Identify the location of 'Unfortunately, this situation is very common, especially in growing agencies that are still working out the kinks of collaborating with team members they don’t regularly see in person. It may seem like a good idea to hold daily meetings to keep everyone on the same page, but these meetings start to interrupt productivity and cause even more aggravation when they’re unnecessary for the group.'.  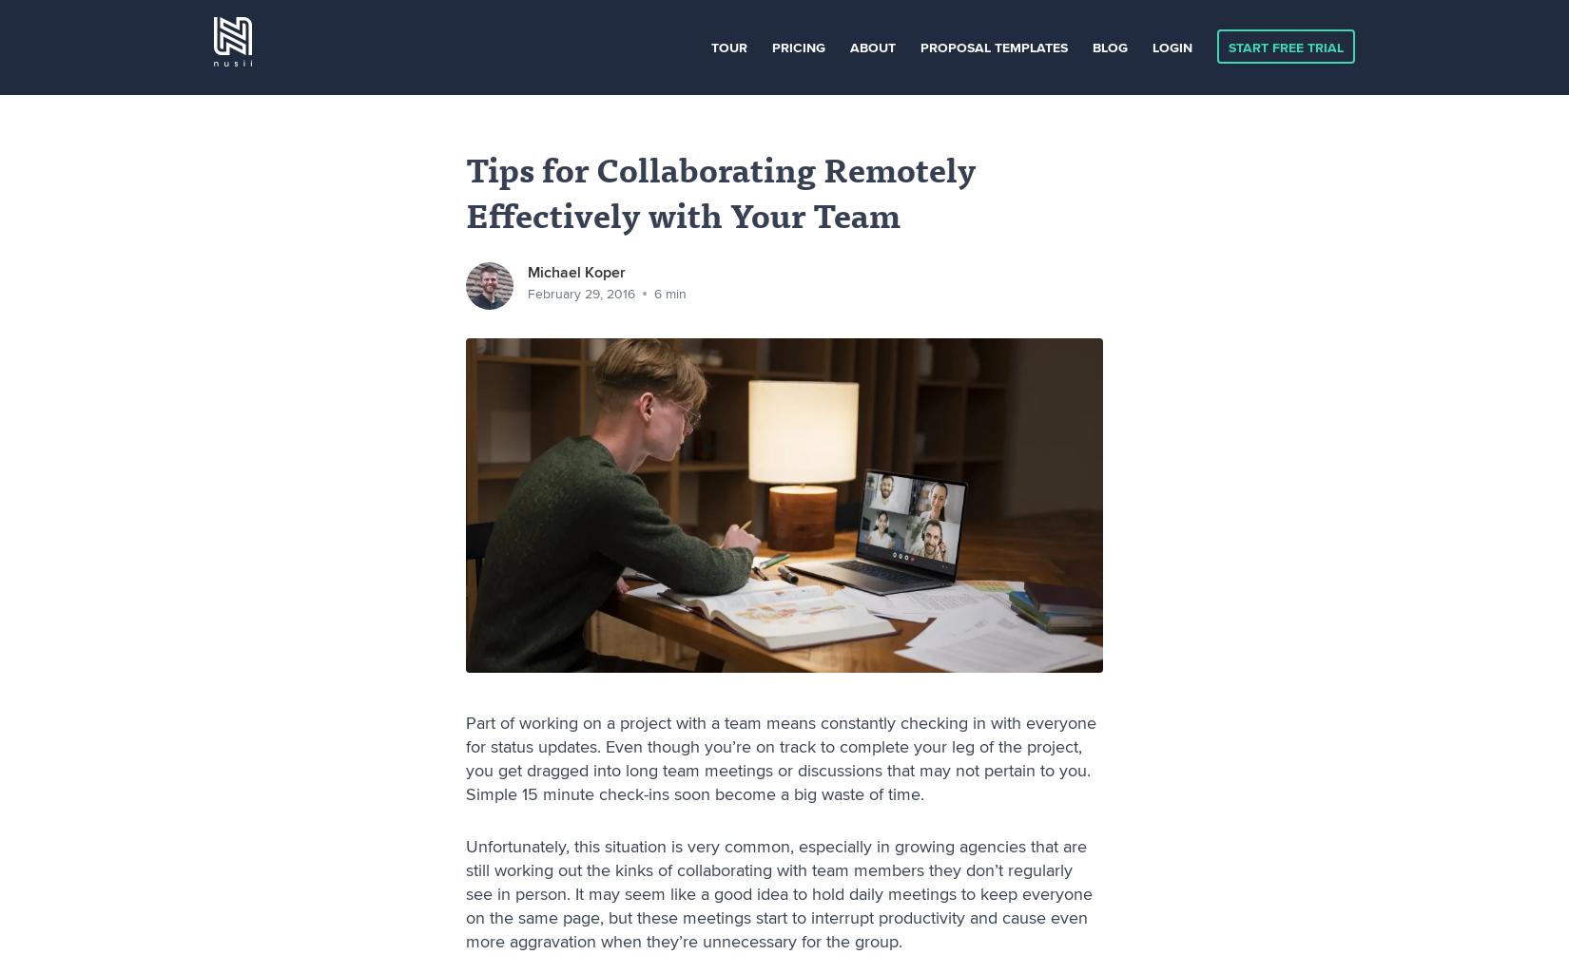
(465, 892).